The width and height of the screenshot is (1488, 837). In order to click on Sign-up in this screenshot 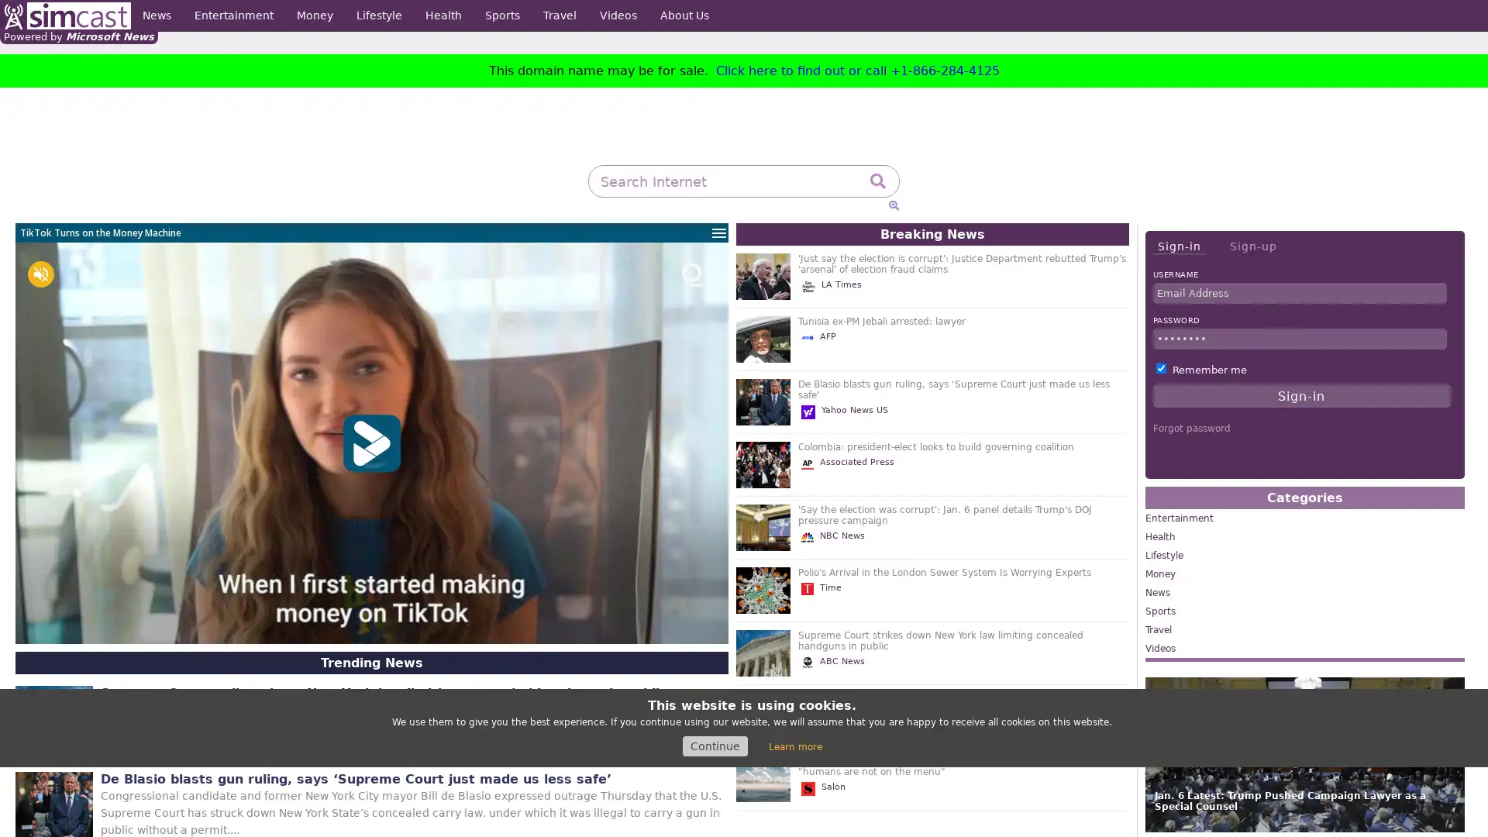, I will do `click(1252, 245)`.